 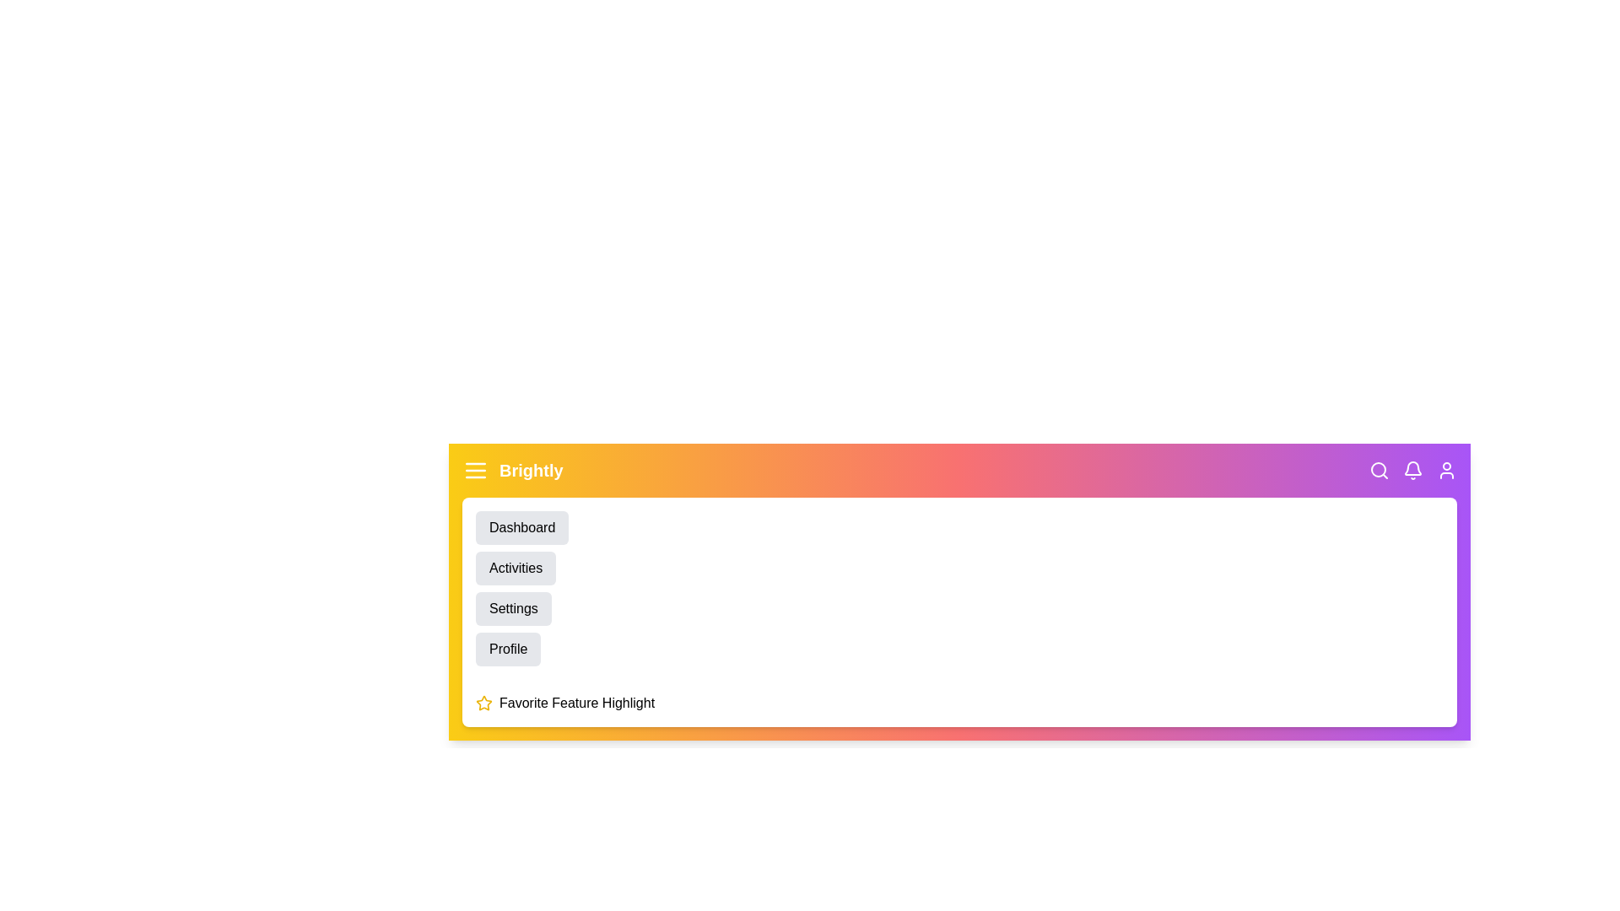 I want to click on the menu_icon to see the hover effect, so click(x=475, y=471).